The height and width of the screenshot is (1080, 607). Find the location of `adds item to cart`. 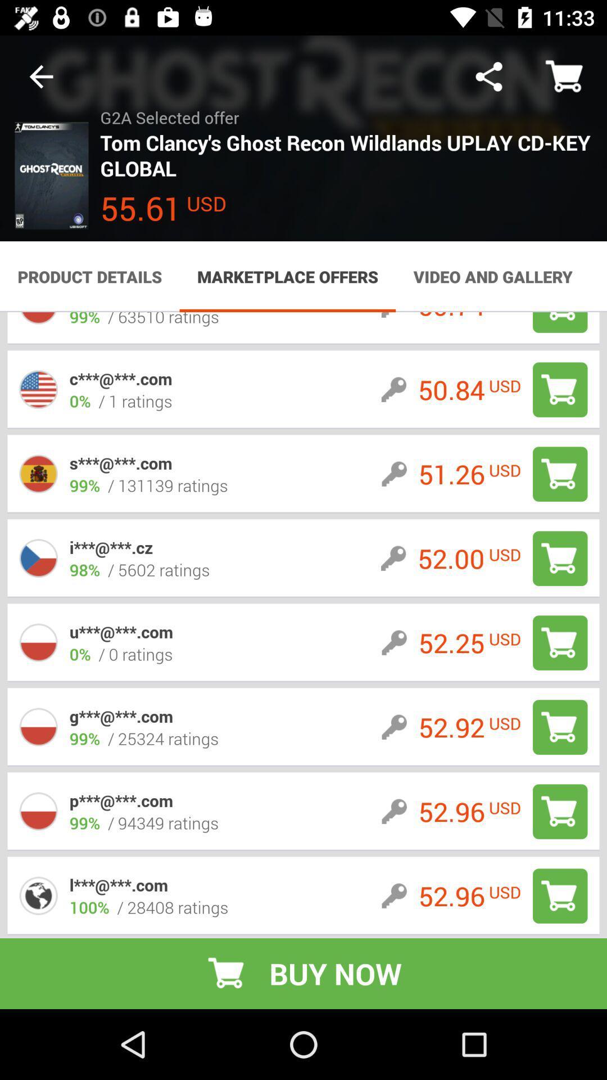

adds item to cart is located at coordinates (560, 559).